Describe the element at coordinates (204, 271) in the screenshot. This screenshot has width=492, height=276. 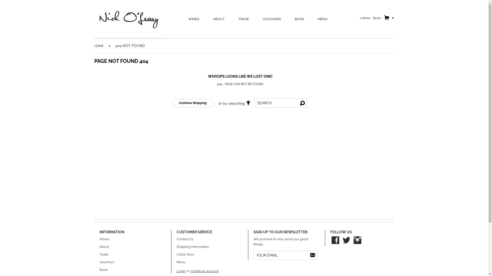
I see `'Create an account'` at that location.